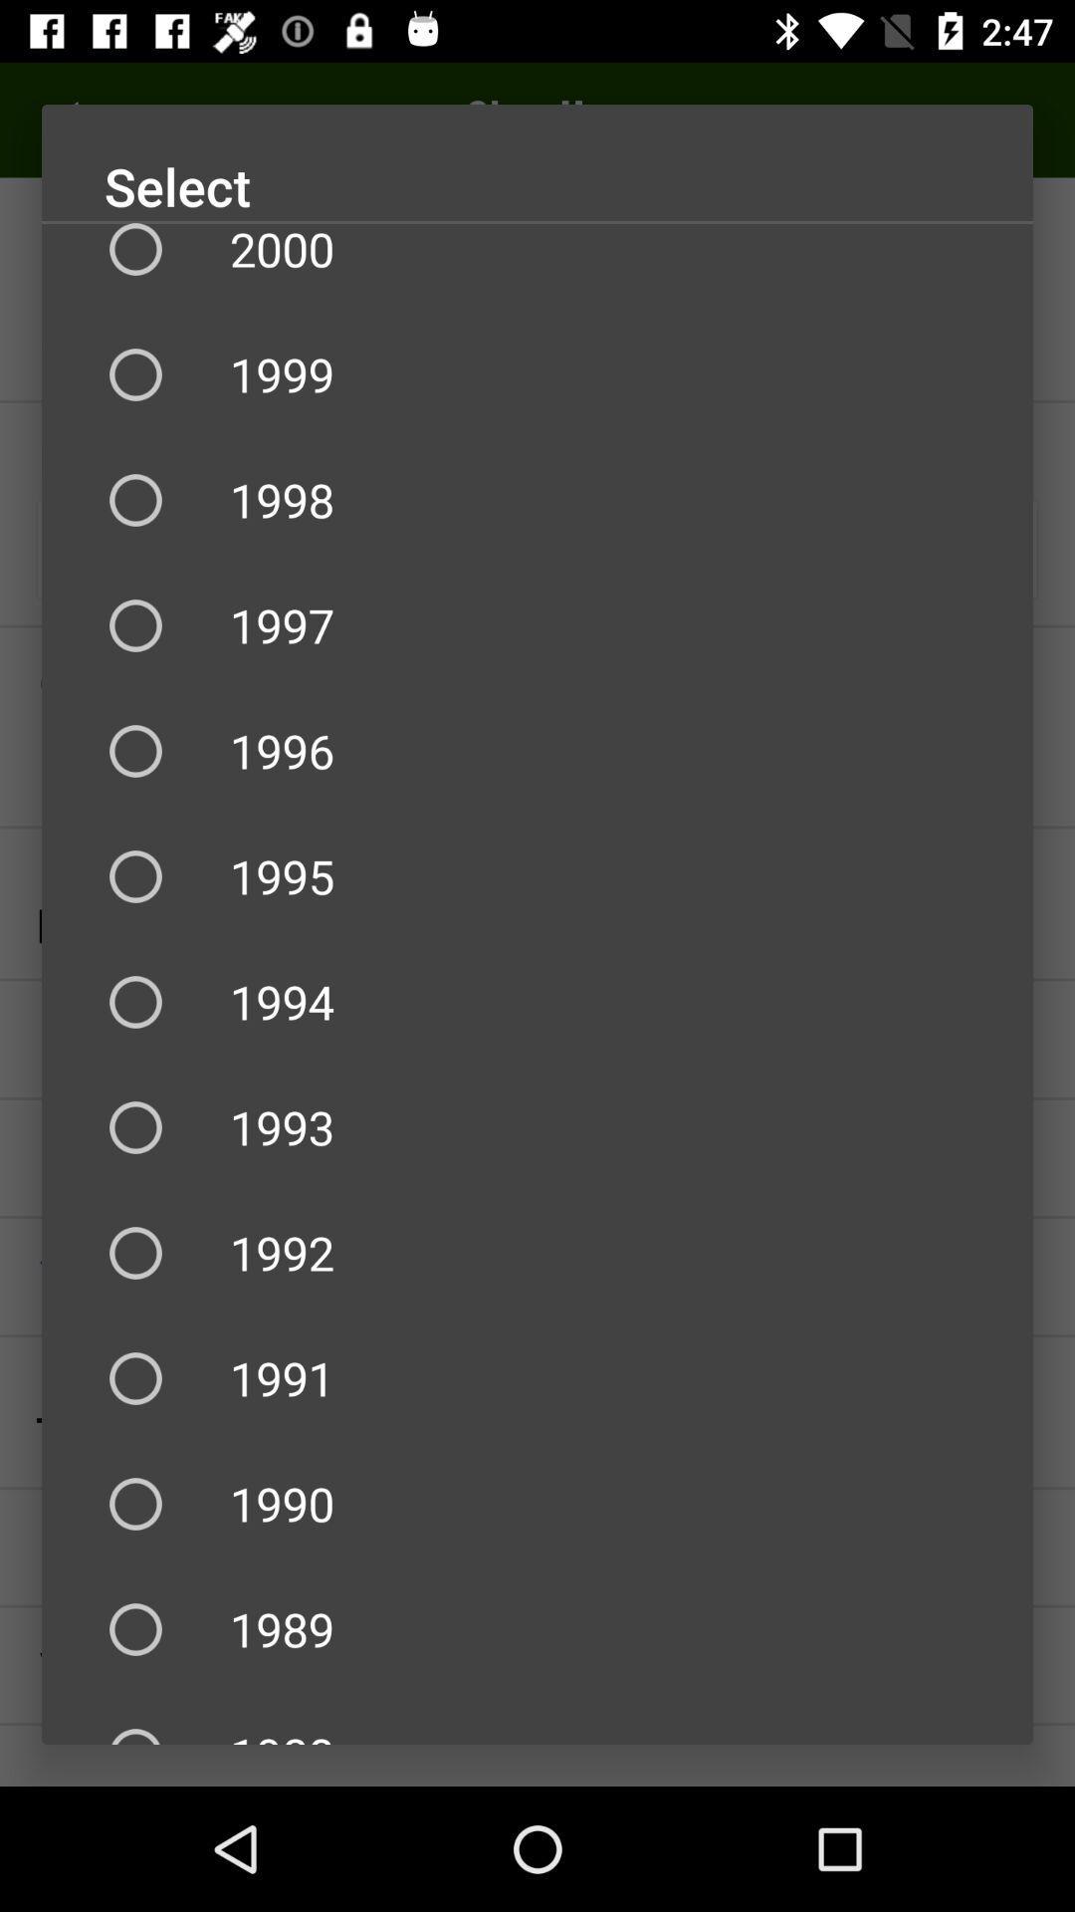 The width and height of the screenshot is (1075, 1912). I want to click on 1996 item, so click(537, 750).